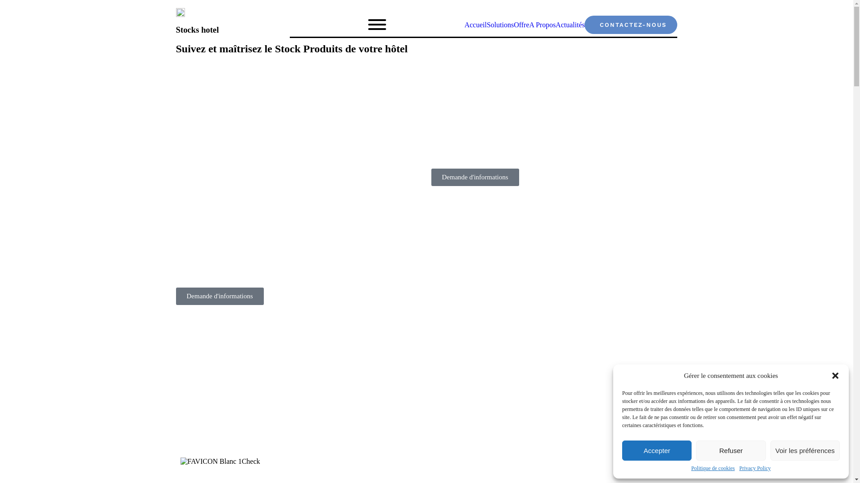  What do you see at coordinates (474, 177) in the screenshot?
I see `'Demande d'informations'` at bounding box center [474, 177].